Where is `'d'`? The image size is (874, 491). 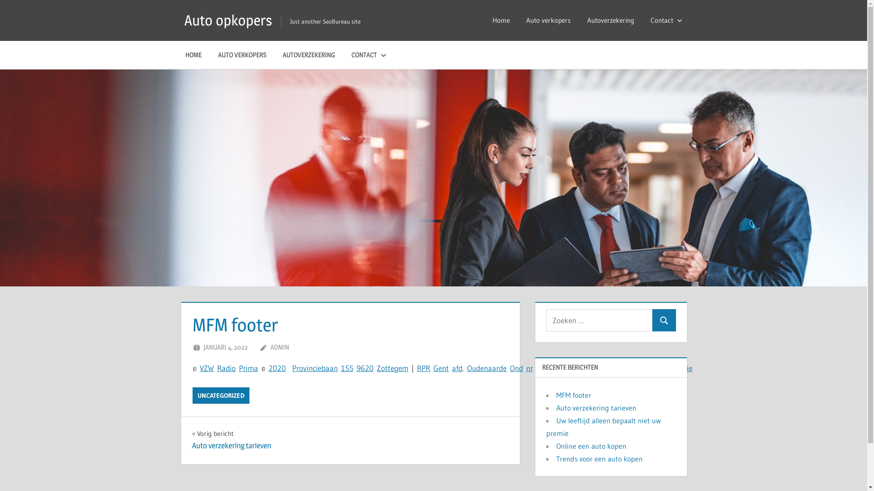 'd' is located at coordinates (478, 367).